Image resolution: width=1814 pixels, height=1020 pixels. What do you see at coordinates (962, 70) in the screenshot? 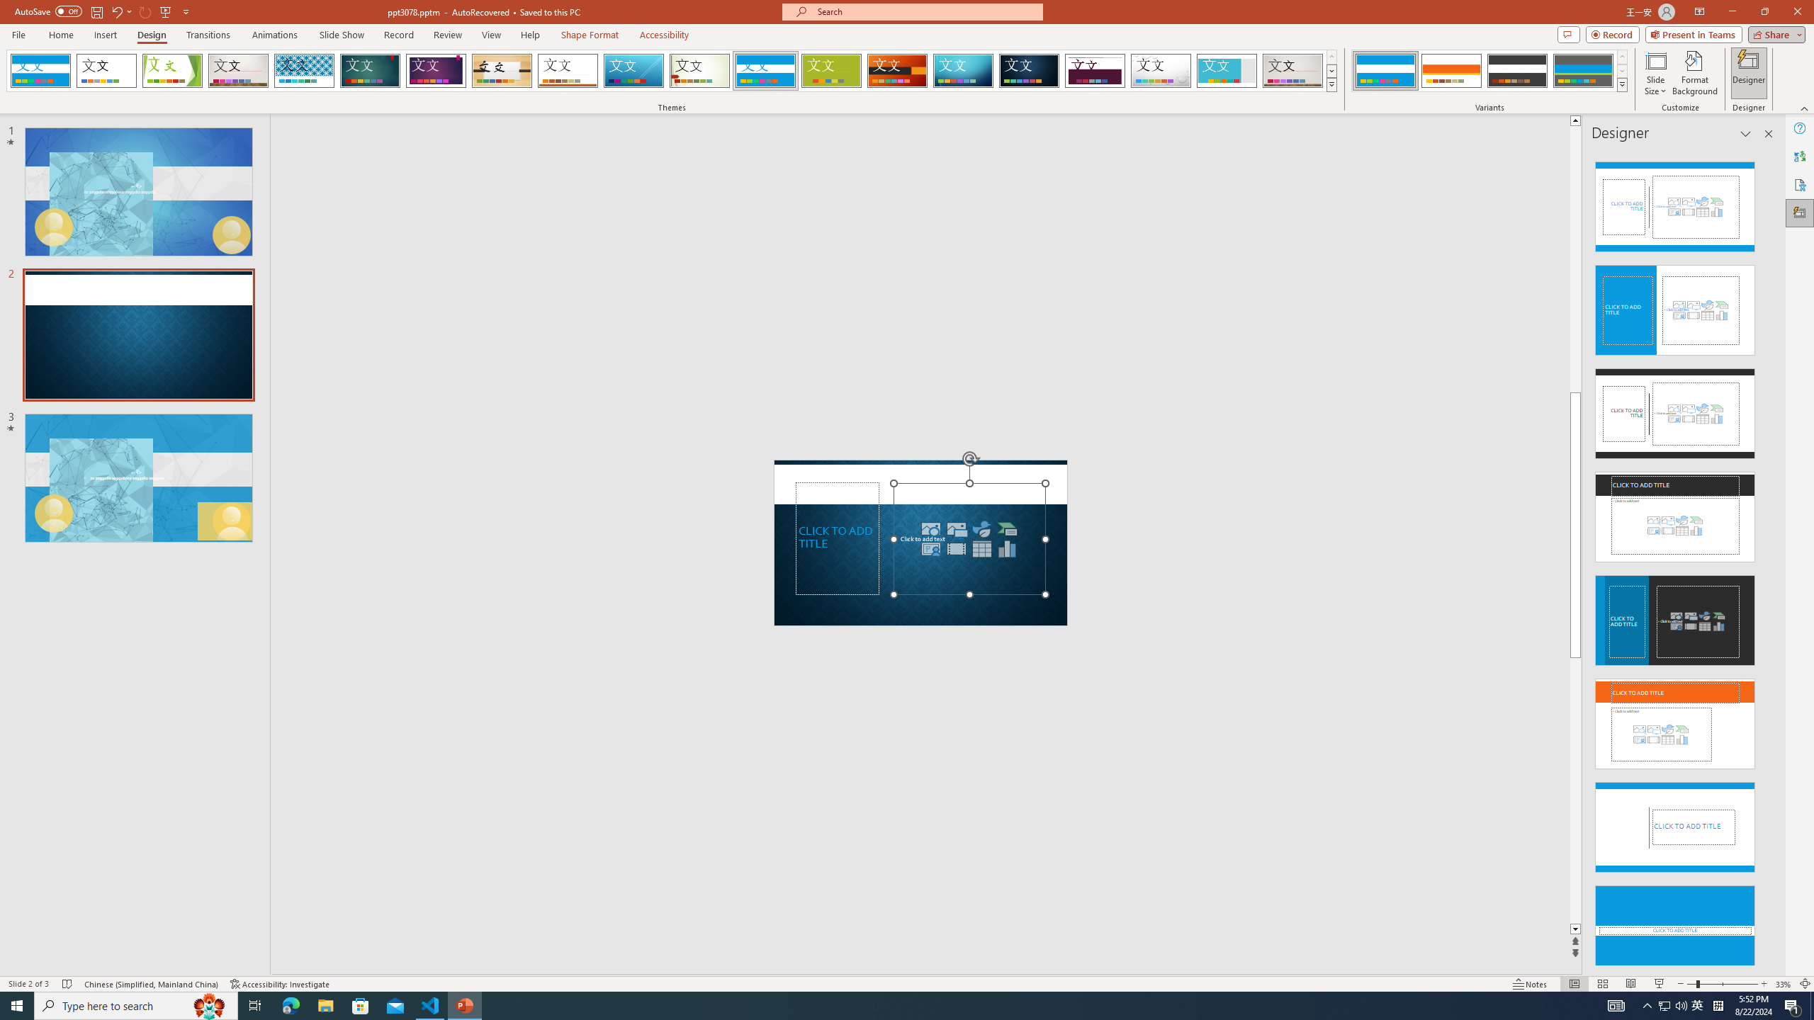
I see `'Circuit'` at bounding box center [962, 70].